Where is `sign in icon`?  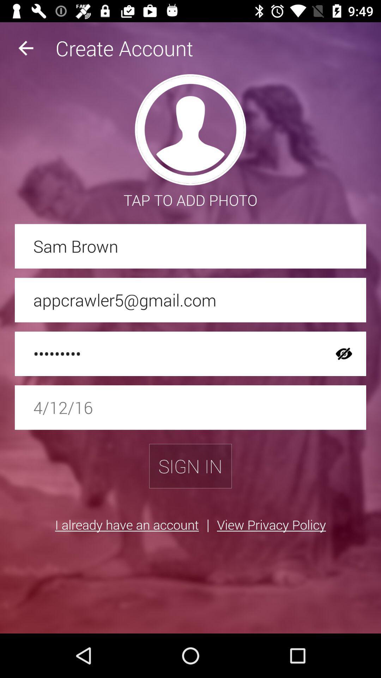
sign in icon is located at coordinates (190, 466).